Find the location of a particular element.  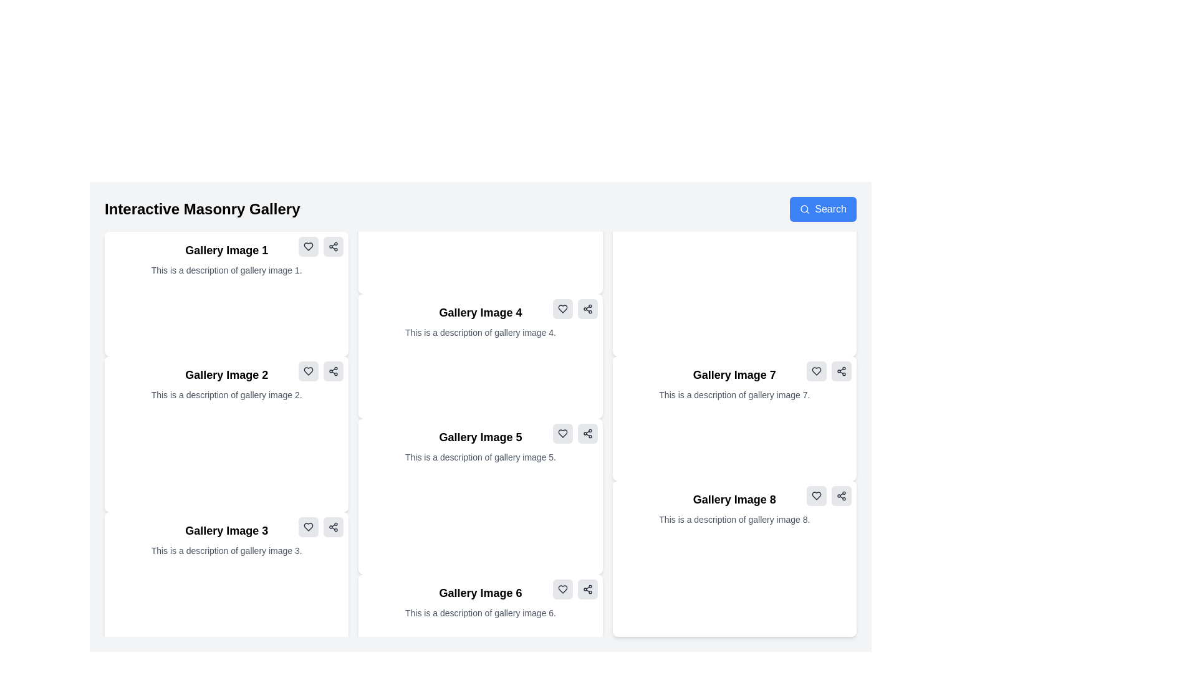

the share icon in the button group located at the top-right of the 'Gallery Image 2' box, which is styled with a light gray background and has rounded edges is located at coordinates (321, 371).